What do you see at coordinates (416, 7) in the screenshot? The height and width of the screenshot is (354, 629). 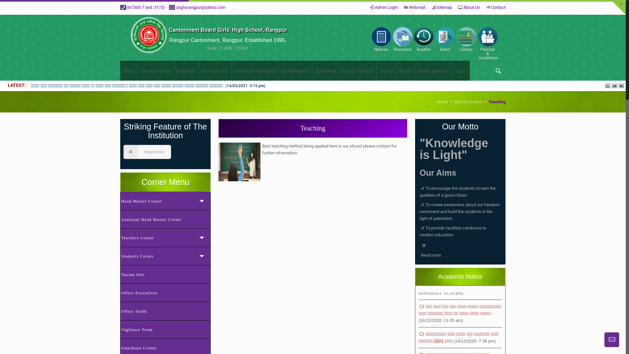 I see `'Webmail'` at bounding box center [416, 7].